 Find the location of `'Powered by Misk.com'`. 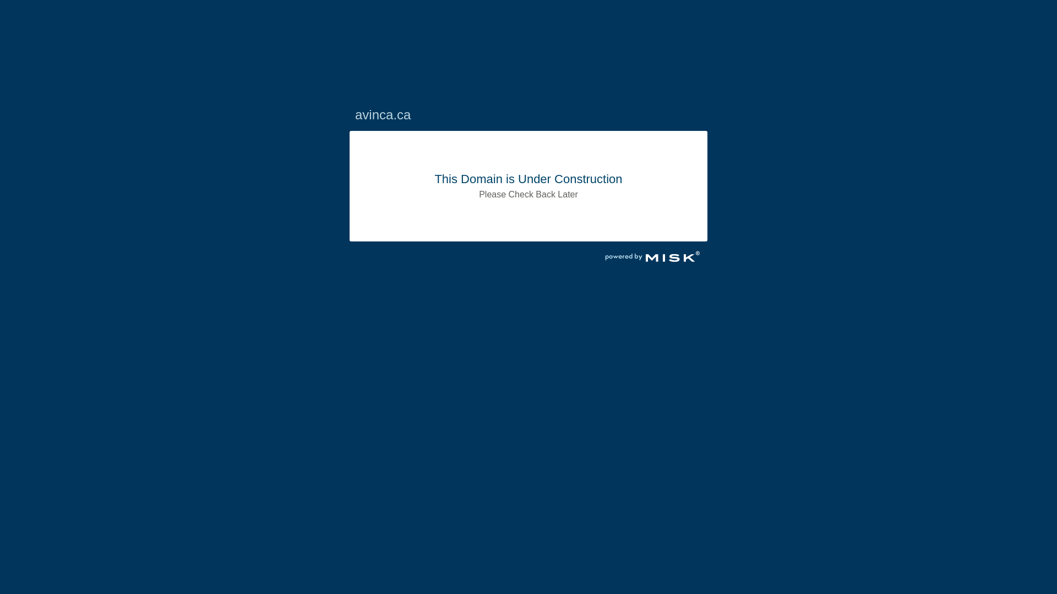

'Powered by Misk.com' is located at coordinates (652, 258).